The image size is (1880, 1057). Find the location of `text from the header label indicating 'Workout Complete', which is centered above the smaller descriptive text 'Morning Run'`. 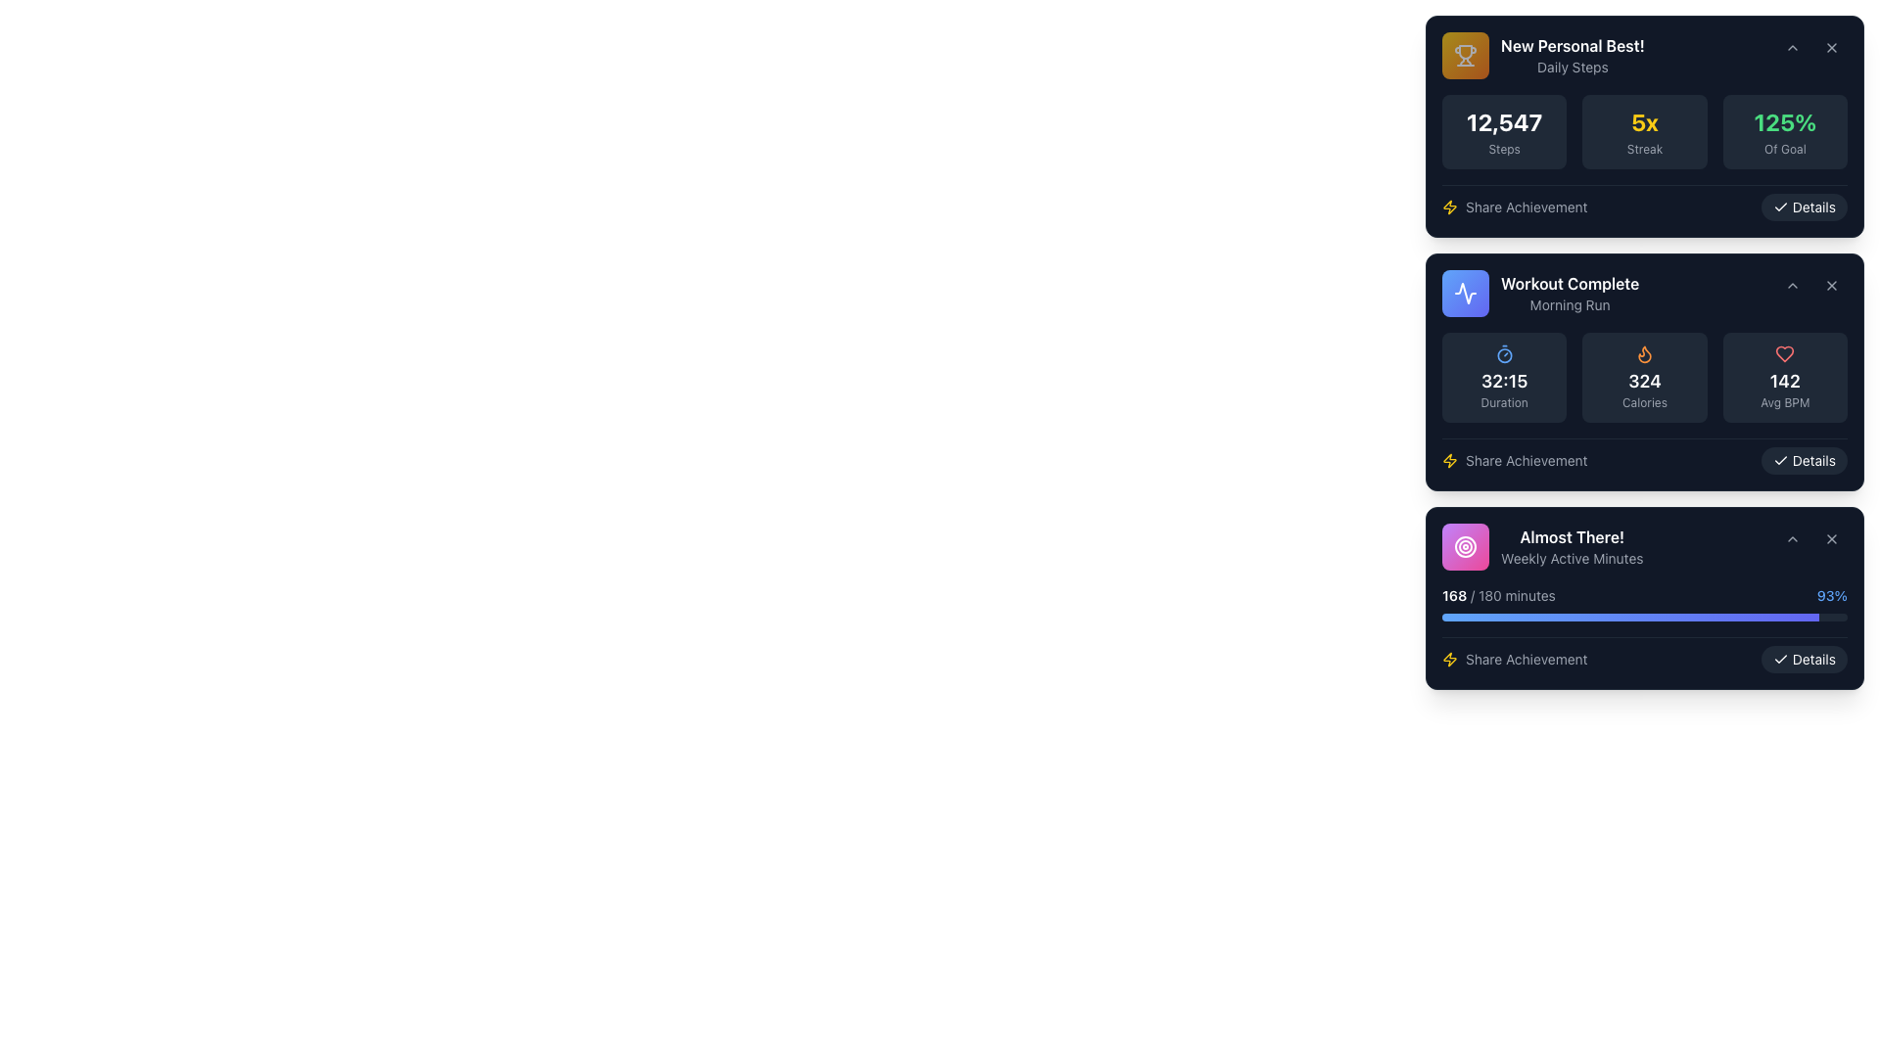

text from the header label indicating 'Workout Complete', which is centered above the smaller descriptive text 'Morning Run' is located at coordinates (1570, 283).